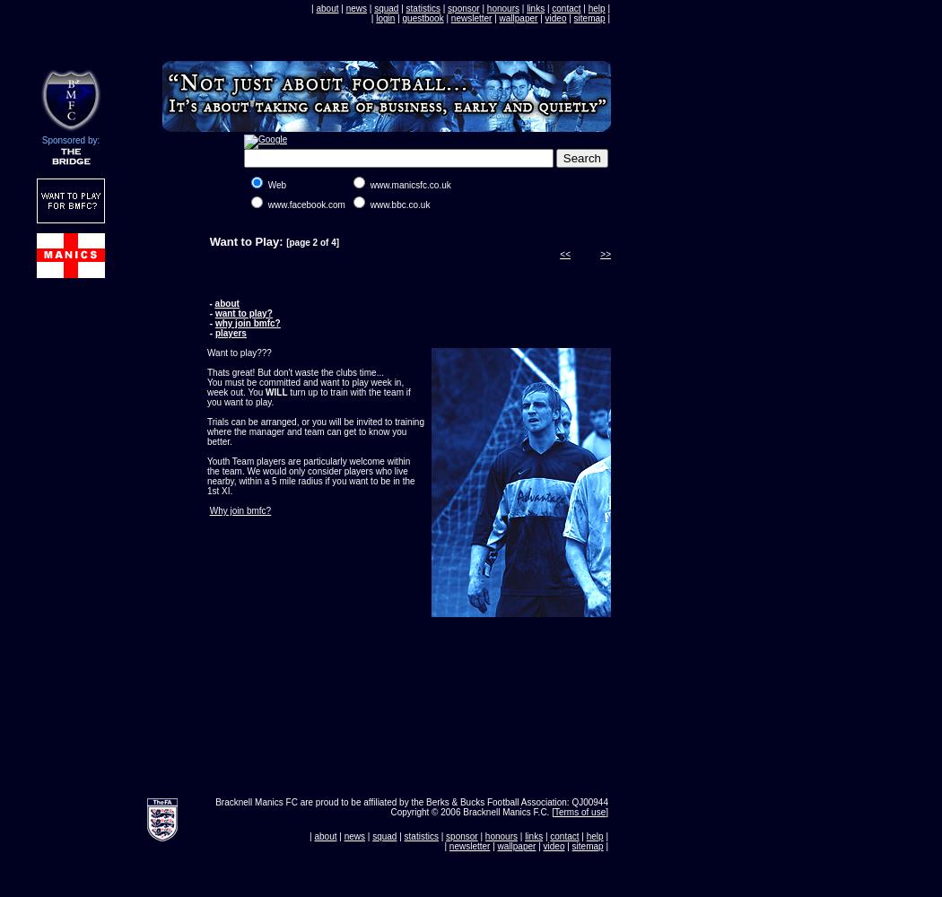 This screenshot has height=897, width=942. Describe the element at coordinates (566, 8) in the screenshot. I see `'contact'` at that location.